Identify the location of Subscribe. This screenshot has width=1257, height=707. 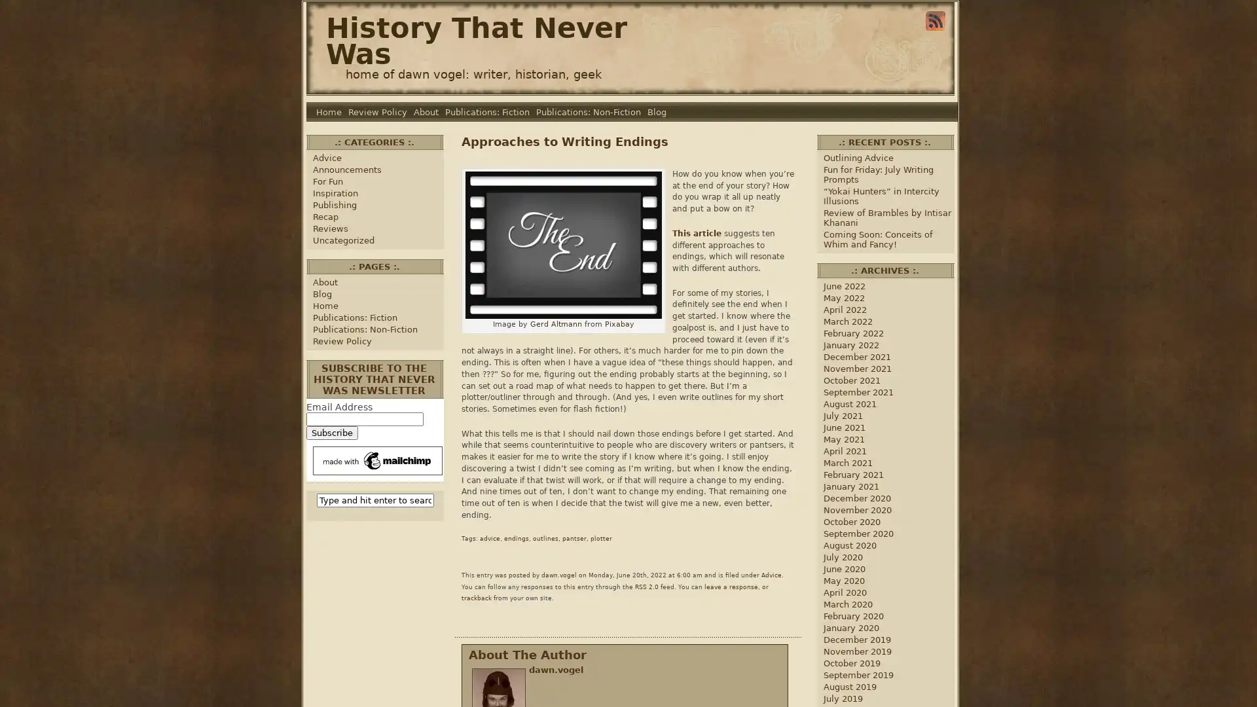
(332, 433).